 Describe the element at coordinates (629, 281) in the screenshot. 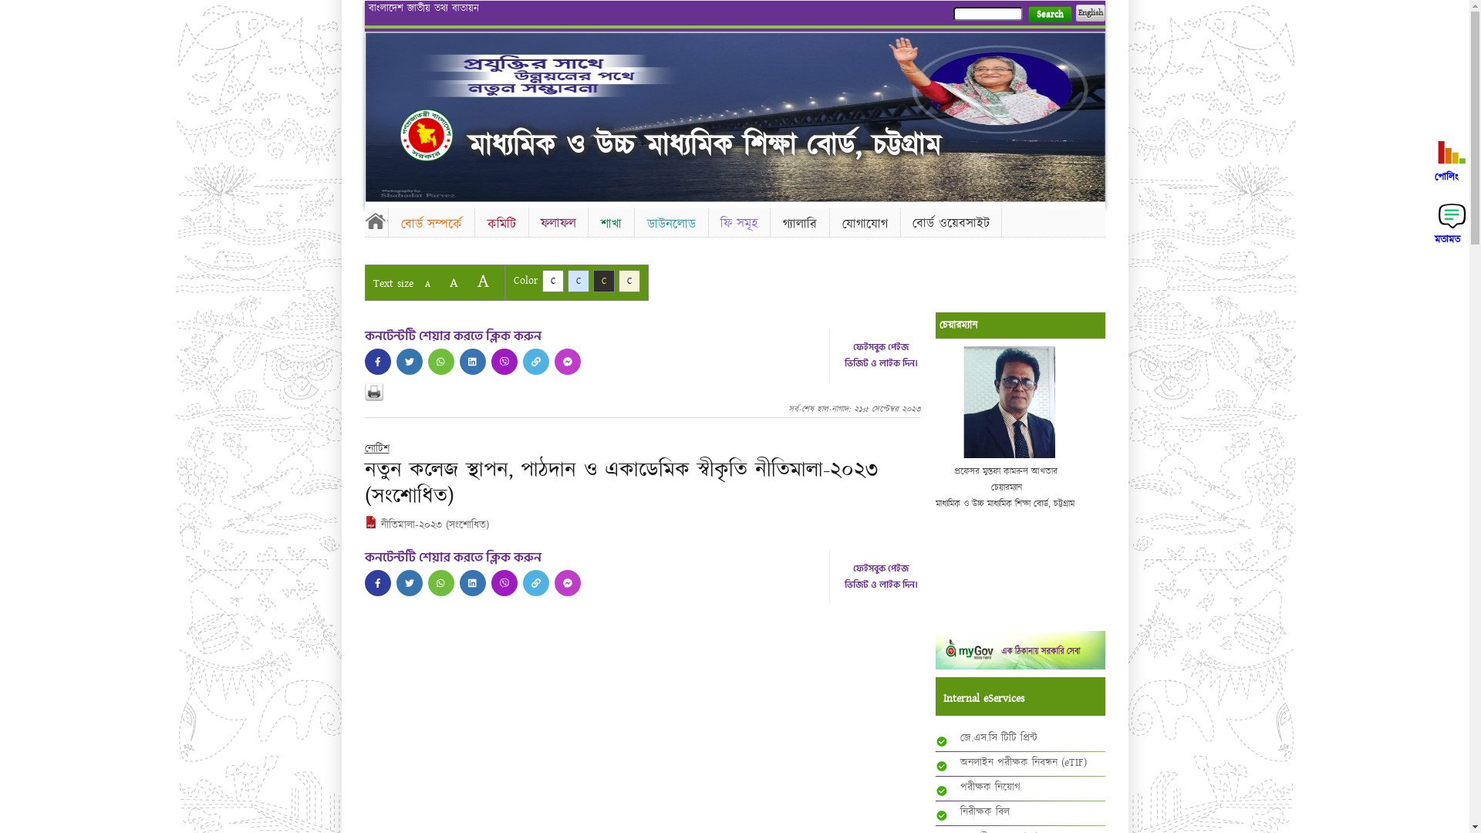

I see `'C'` at that location.